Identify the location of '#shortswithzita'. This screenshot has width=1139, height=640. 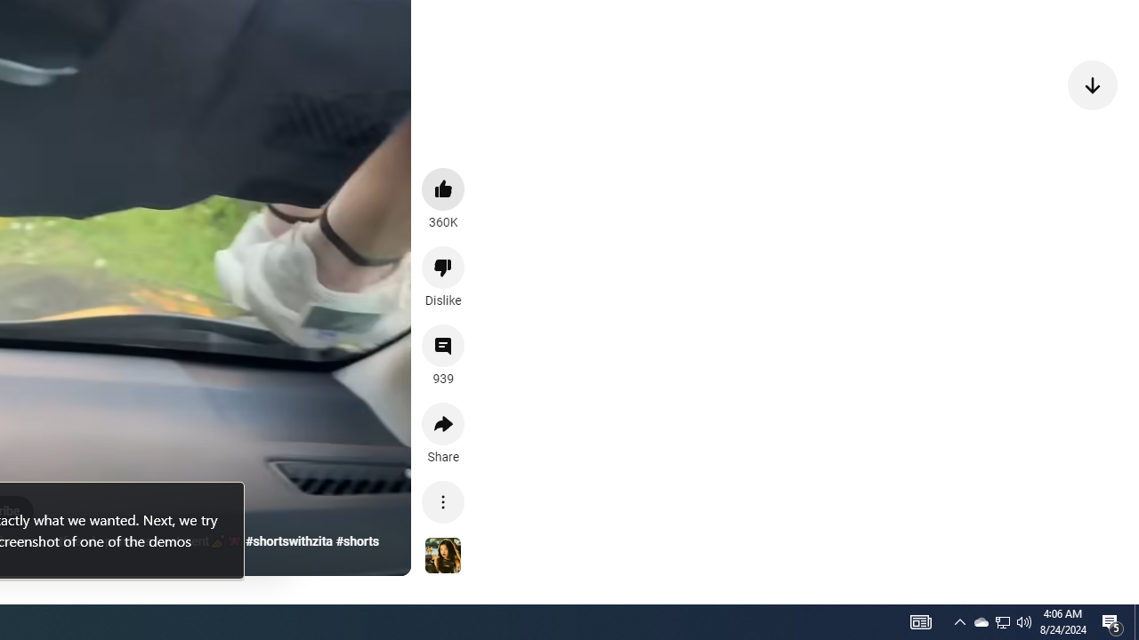
(288, 540).